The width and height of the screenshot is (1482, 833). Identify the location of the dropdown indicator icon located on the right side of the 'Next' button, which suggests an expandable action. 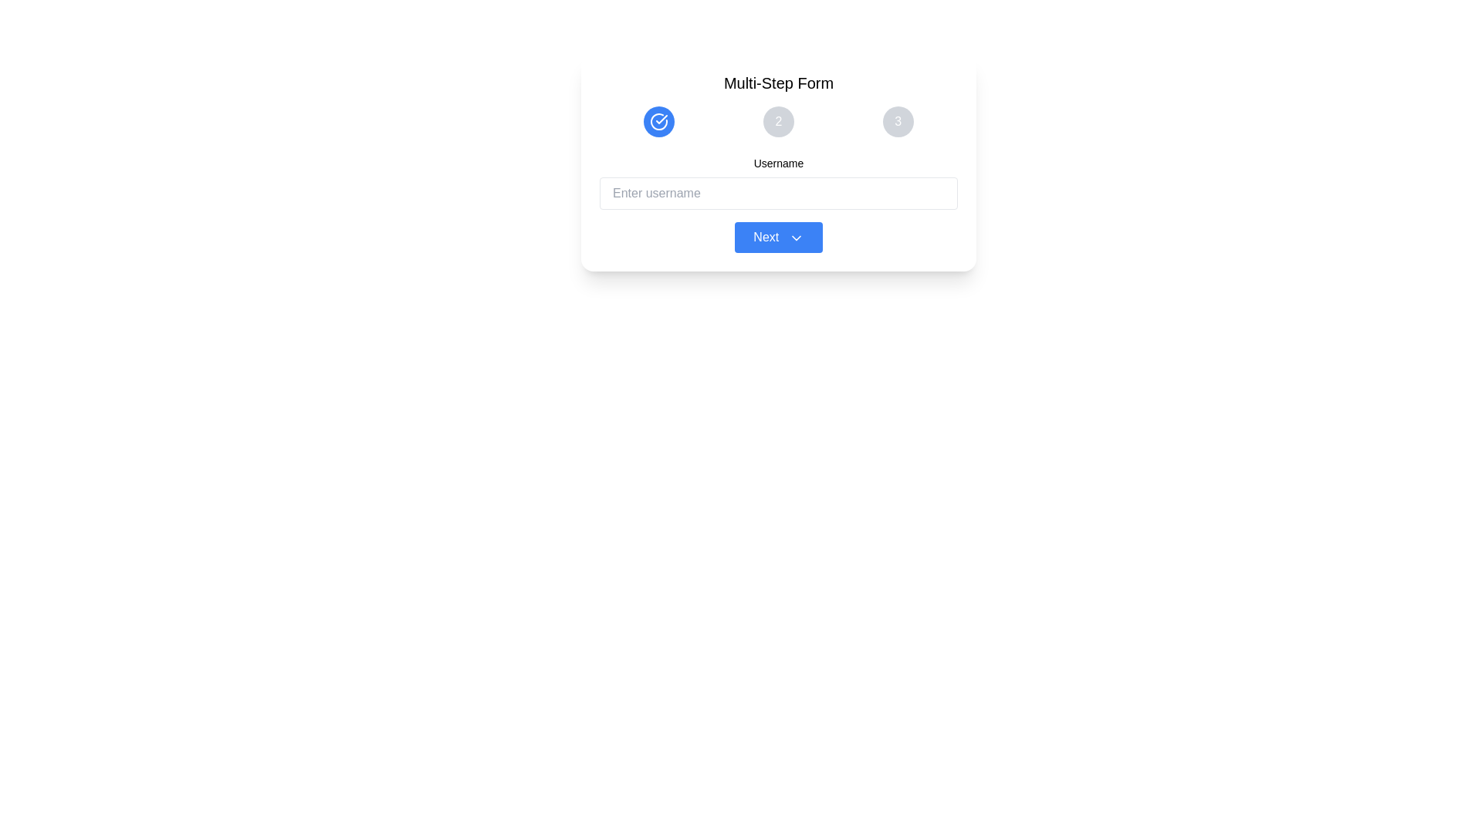
(796, 238).